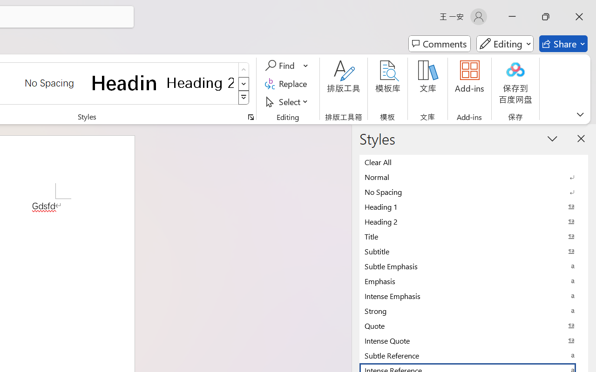  I want to click on 'Subtle Reference', so click(474, 355).